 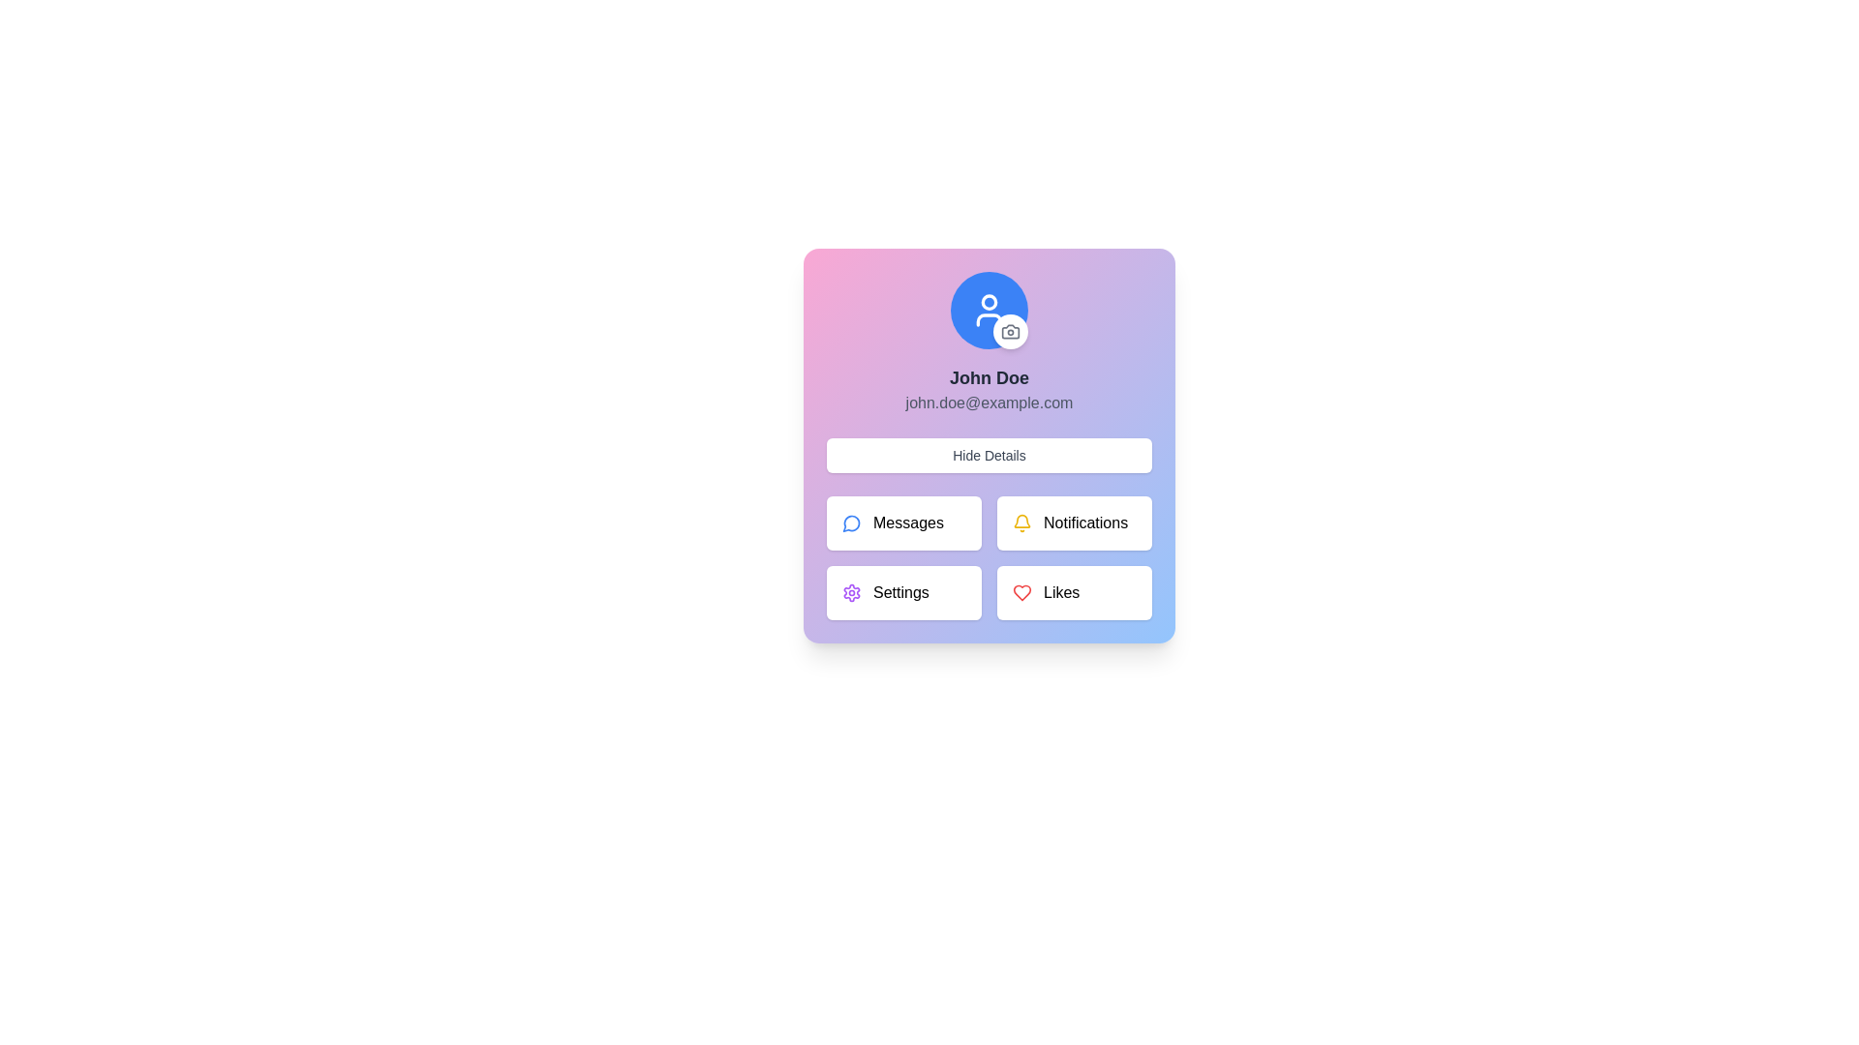 I want to click on the Notifications button, which has a yellow bell icon and black text, so click(x=1073, y=522).